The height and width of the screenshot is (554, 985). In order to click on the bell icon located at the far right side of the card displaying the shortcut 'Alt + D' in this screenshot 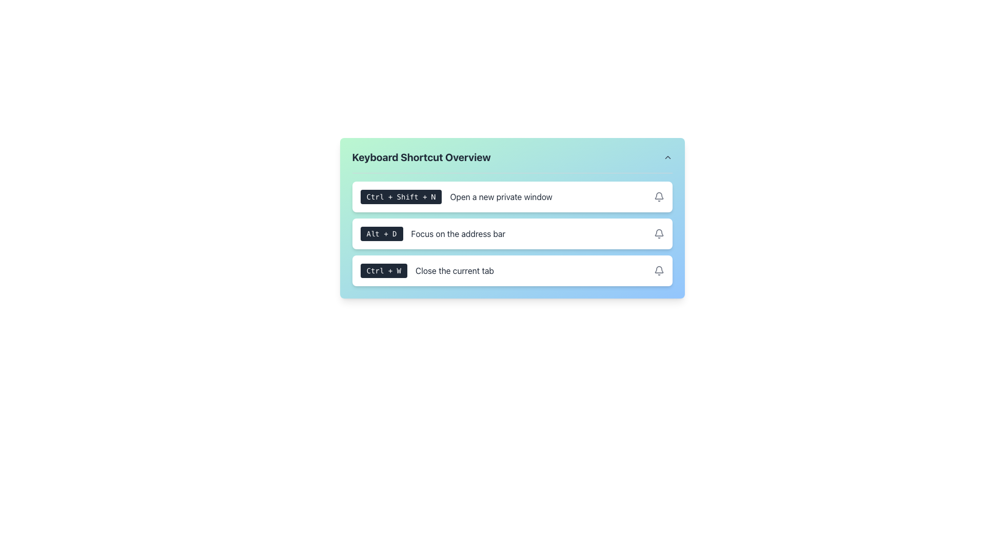, I will do `click(659, 233)`.